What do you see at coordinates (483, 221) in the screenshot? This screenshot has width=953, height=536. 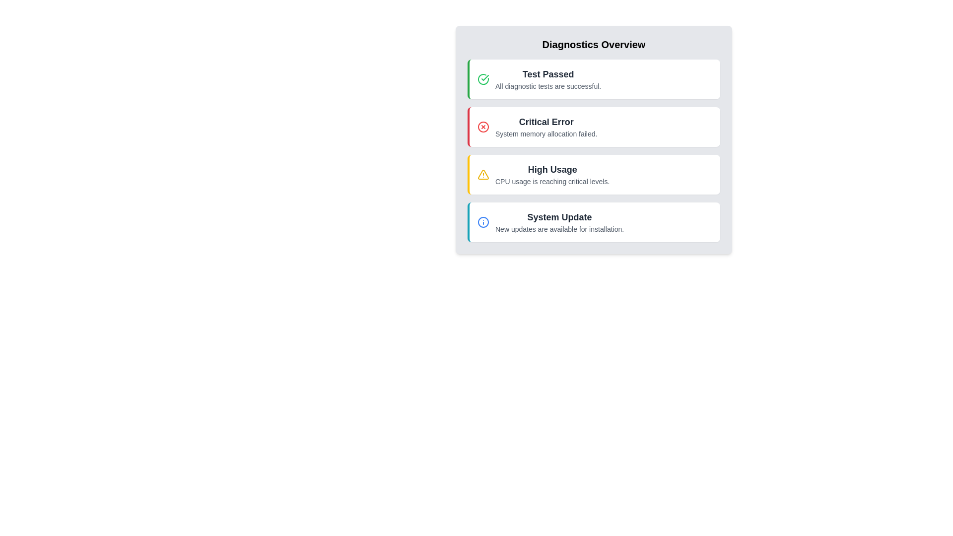 I see `the decorative SVG Circle located at the center of the blue-colored info icon next to the 'System Update' text` at bounding box center [483, 221].